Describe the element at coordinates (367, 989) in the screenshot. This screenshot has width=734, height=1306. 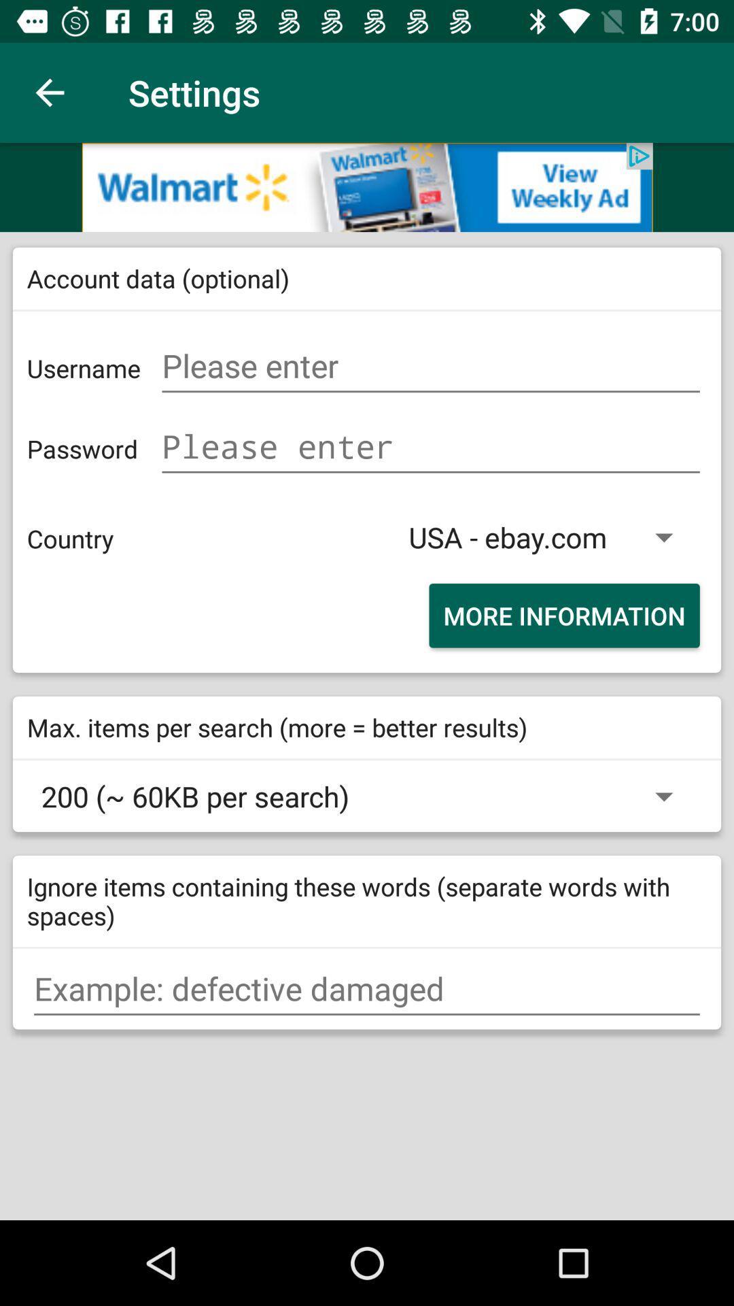
I see `search the any one` at that location.